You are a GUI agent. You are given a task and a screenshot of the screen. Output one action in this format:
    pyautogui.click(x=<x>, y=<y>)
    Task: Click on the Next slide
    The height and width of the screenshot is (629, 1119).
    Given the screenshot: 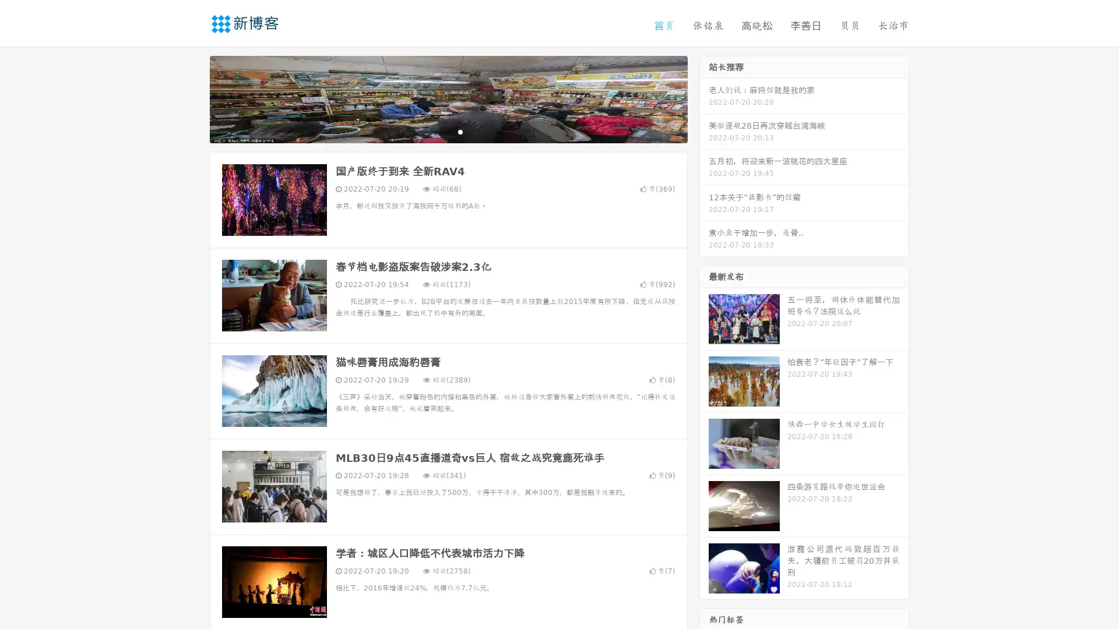 What is the action you would take?
    pyautogui.click(x=704, y=98)
    